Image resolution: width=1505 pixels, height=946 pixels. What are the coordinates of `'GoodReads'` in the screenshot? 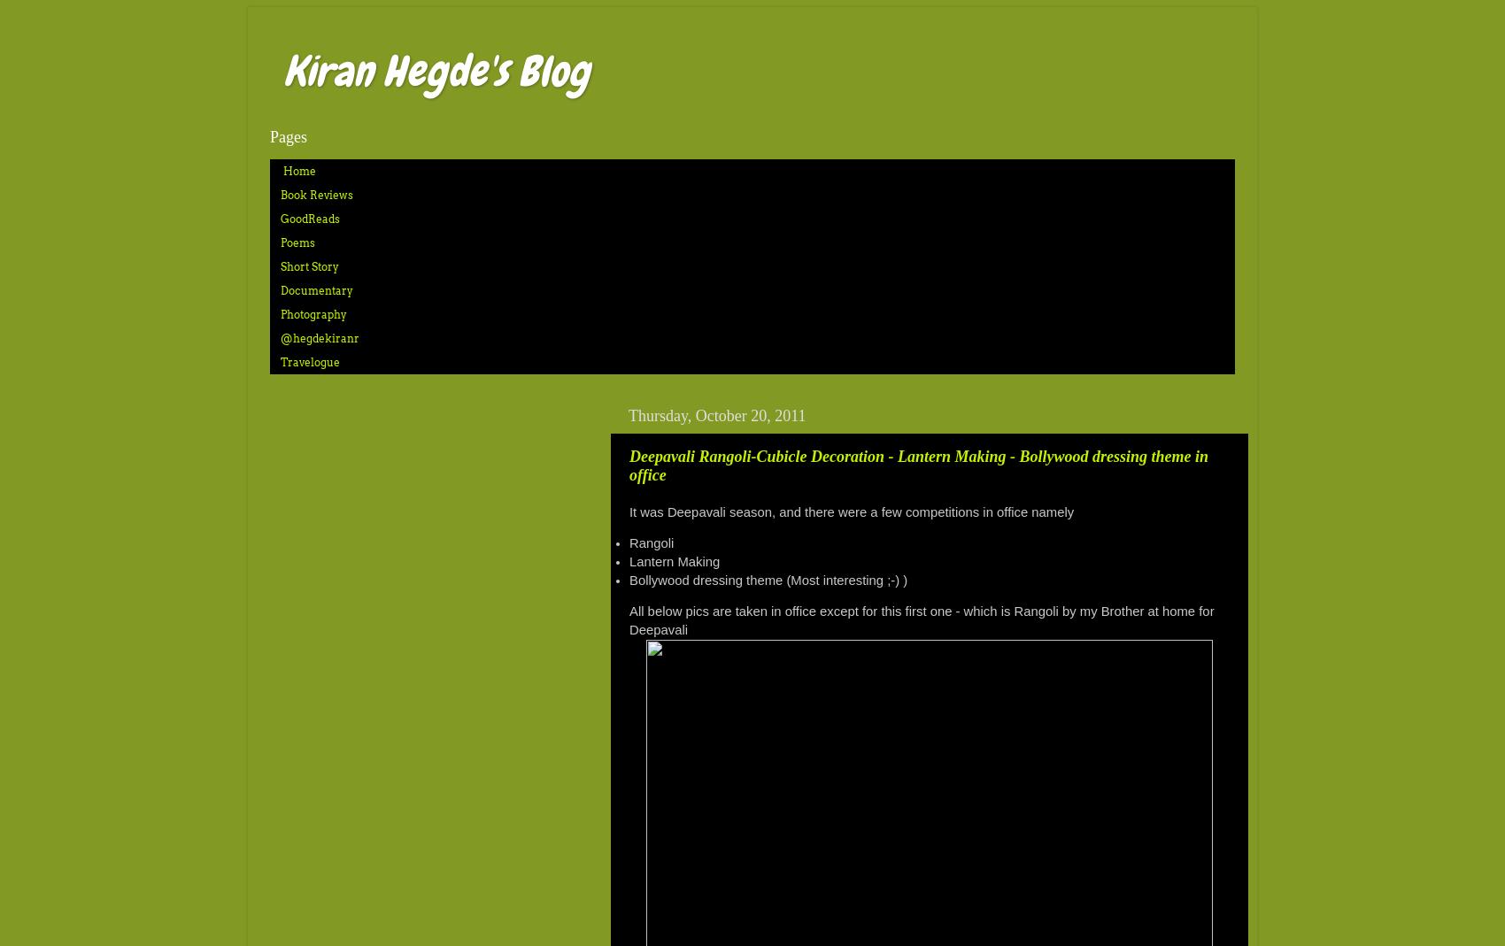 It's located at (309, 217).